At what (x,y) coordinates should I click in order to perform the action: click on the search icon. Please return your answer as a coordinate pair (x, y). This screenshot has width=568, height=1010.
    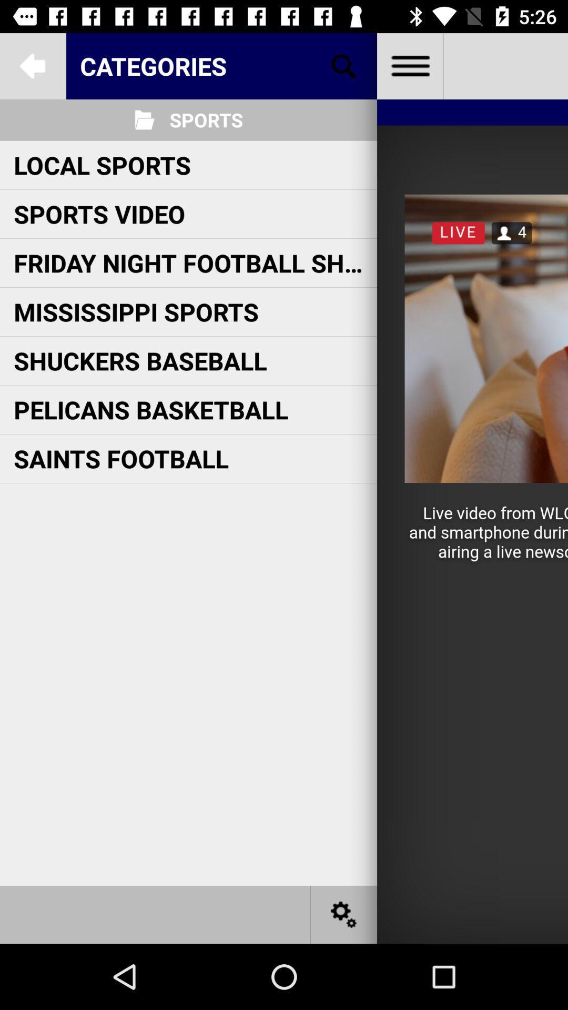
    Looking at the image, I should click on (344, 65).